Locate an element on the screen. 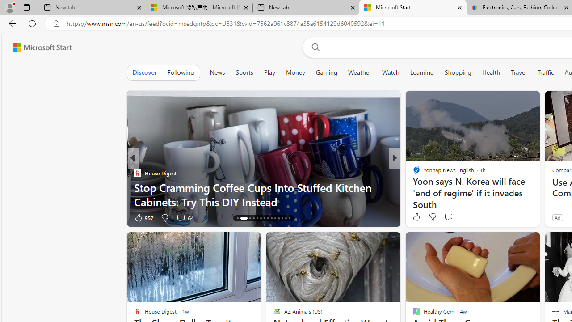  'View comments 18 Comment' is located at coordinates (456, 217).